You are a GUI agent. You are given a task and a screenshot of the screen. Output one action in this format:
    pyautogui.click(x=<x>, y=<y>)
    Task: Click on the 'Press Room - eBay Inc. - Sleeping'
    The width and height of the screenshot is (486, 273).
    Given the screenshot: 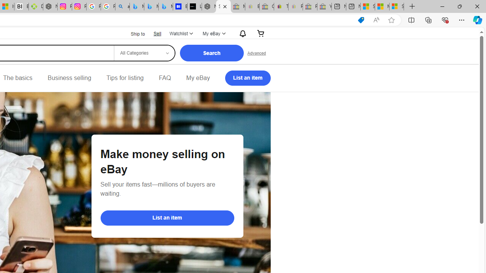 What is the action you would take?
    pyautogui.click(x=310, y=6)
    